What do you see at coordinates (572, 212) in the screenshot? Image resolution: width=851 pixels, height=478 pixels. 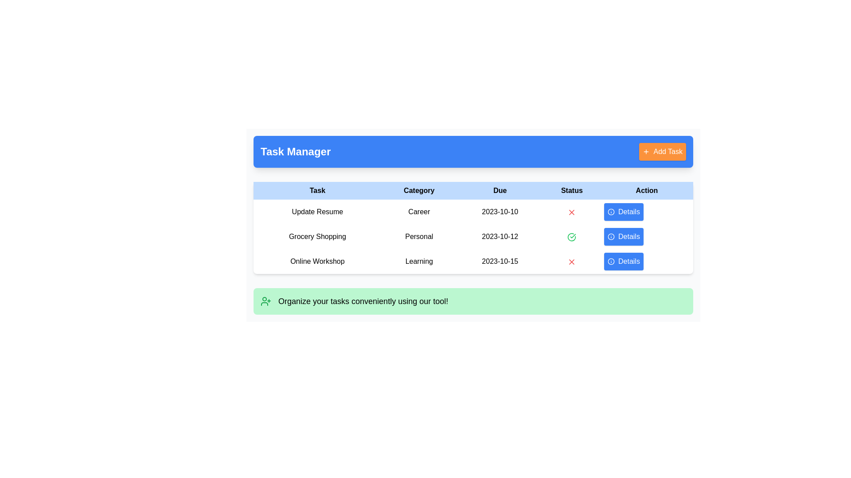 I see `the red cross icon indicating a negative status in the first row of the Status column, adjacent to the '2023-10-10' text and left of the 'Details' button` at bounding box center [572, 212].